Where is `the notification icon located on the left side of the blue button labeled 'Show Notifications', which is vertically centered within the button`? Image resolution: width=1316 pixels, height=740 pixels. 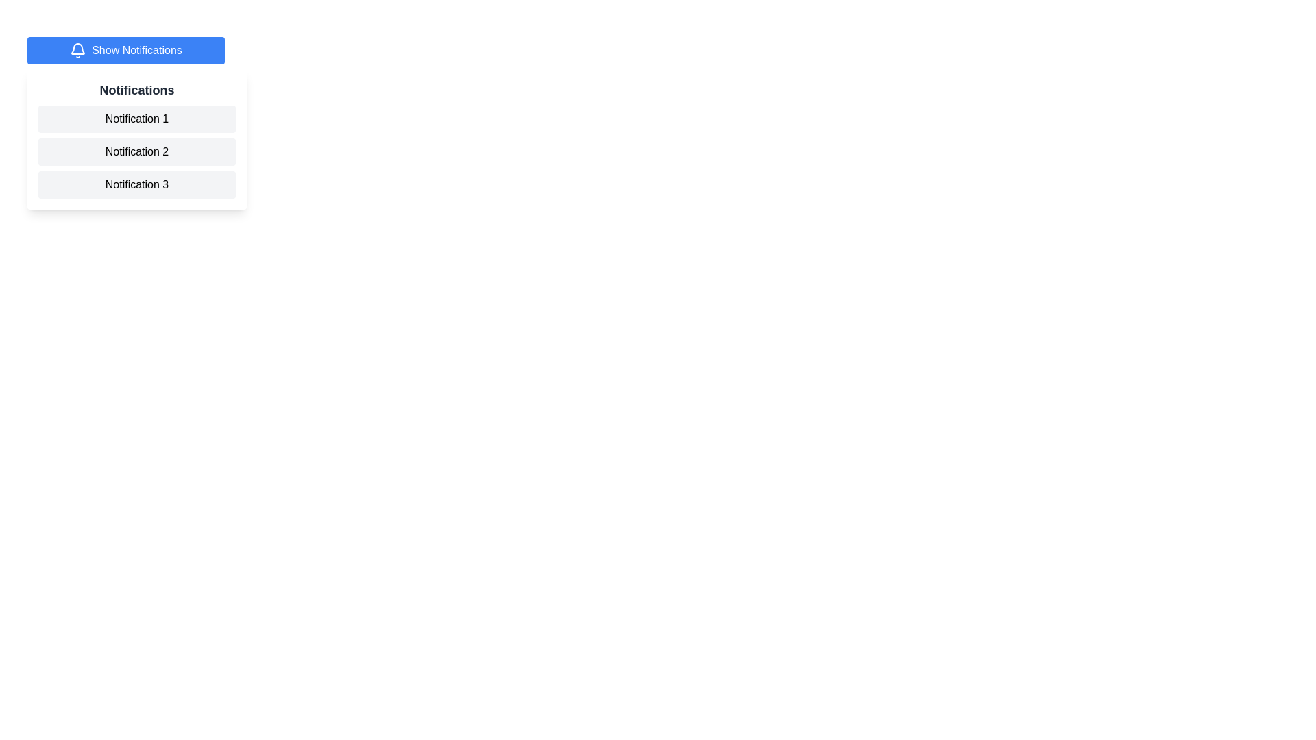 the notification icon located on the left side of the blue button labeled 'Show Notifications', which is vertically centered within the button is located at coordinates (77, 49).